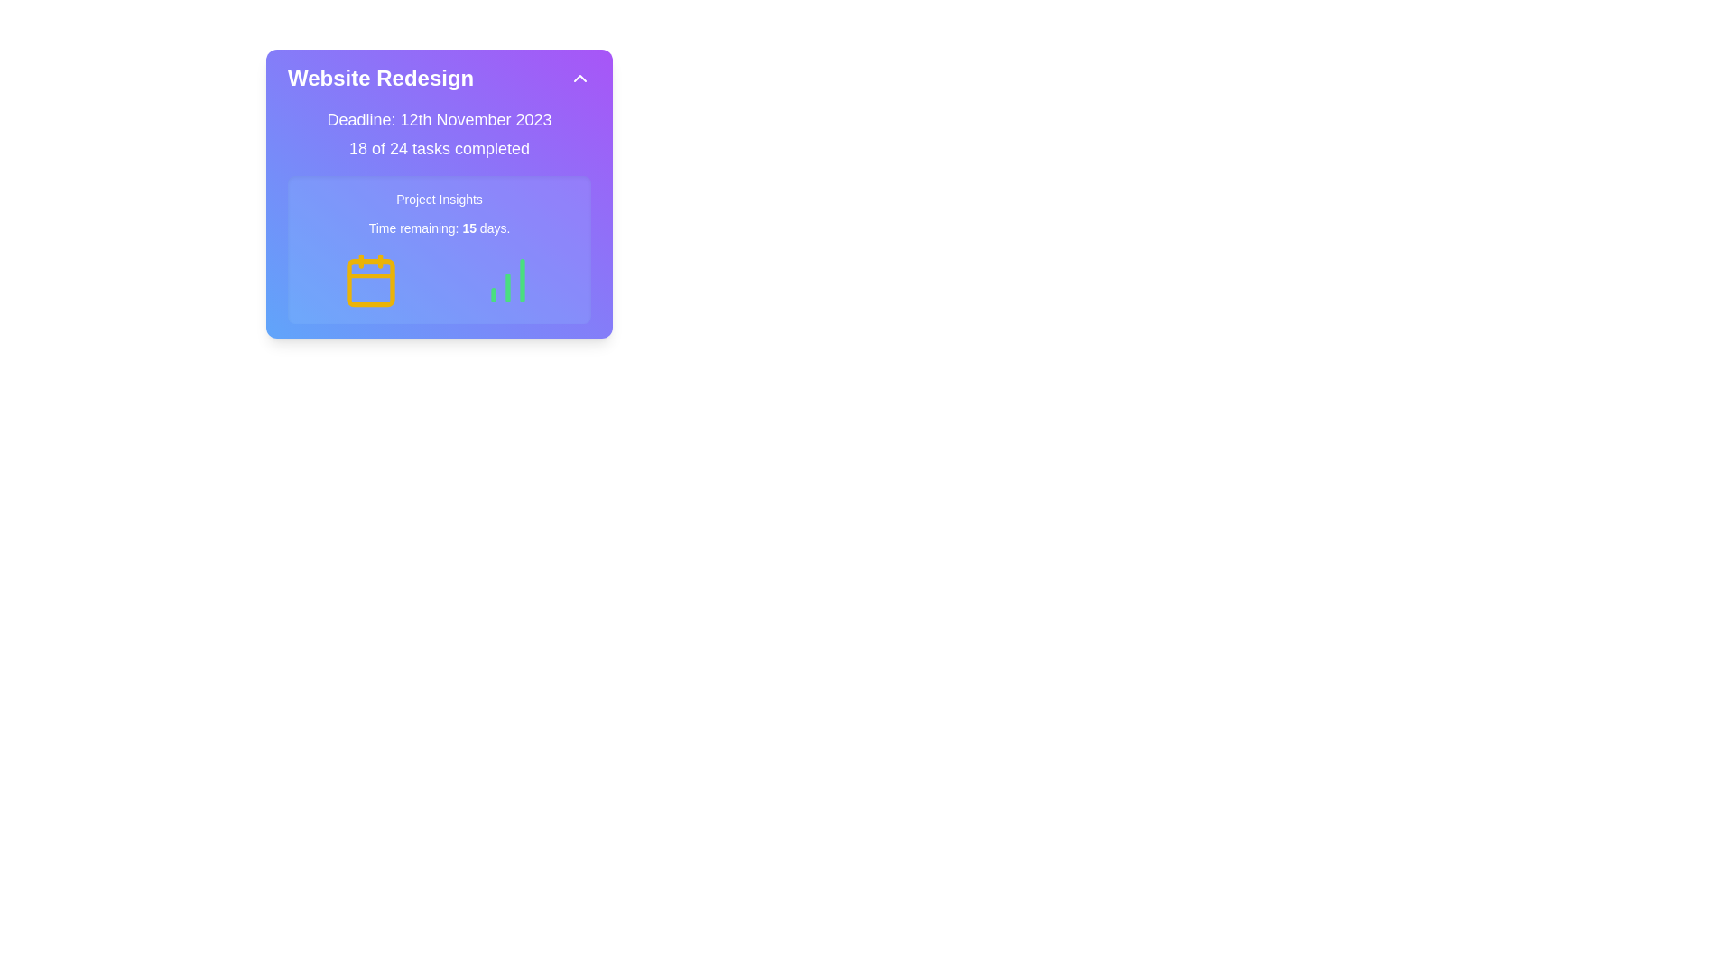 The width and height of the screenshot is (1733, 975). What do you see at coordinates (439, 148) in the screenshot?
I see `the static text element that reads '18 of 24 tasks completed', which is located below the 'Deadline: 12th November 2023' text in the upper-middle portion of the 'Website Redesign' card` at bounding box center [439, 148].